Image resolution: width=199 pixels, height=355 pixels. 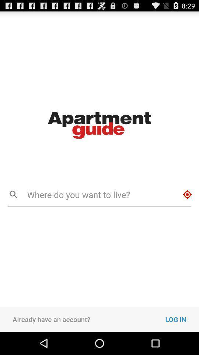 I want to click on the icon on the right, so click(x=187, y=194).